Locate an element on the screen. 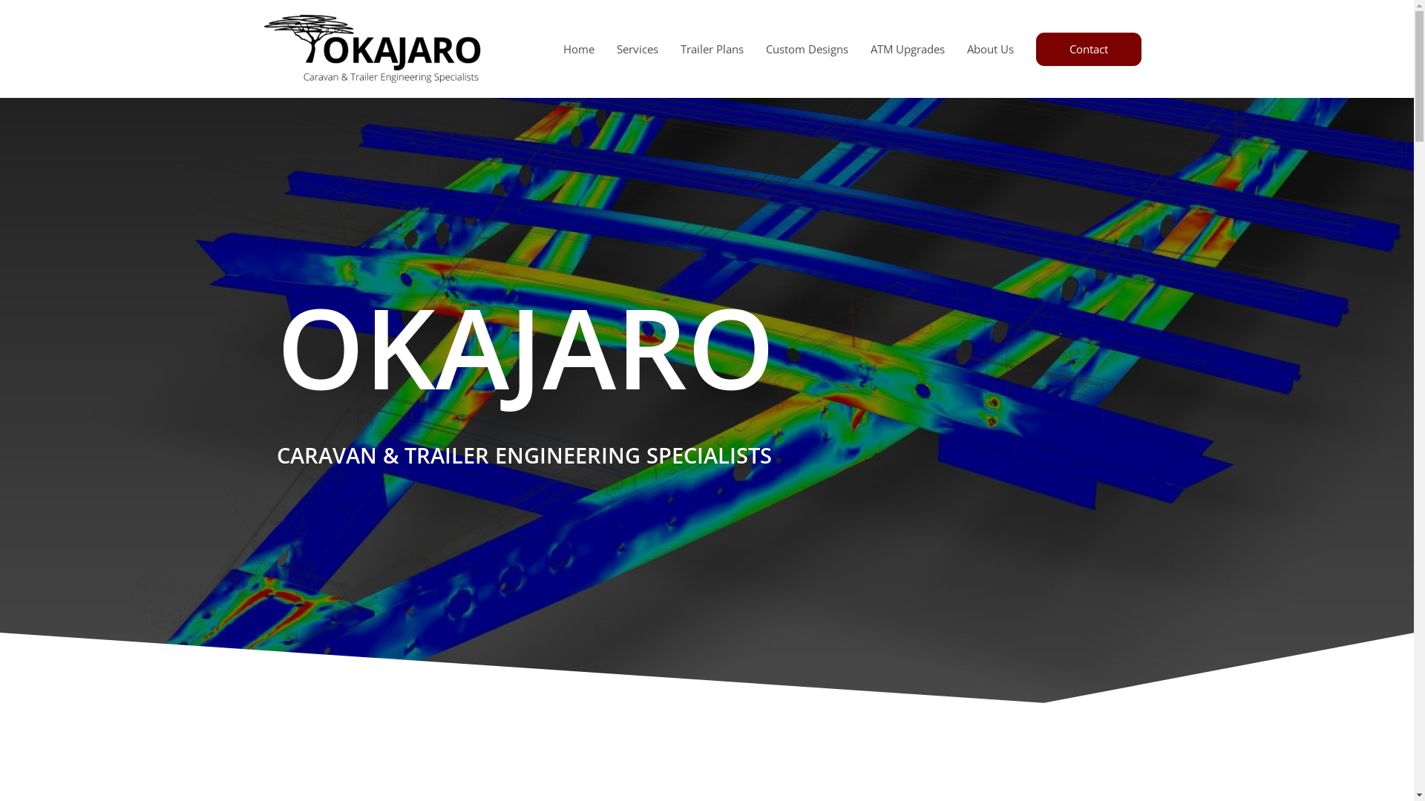  'Trailer Plans' is located at coordinates (669, 47).